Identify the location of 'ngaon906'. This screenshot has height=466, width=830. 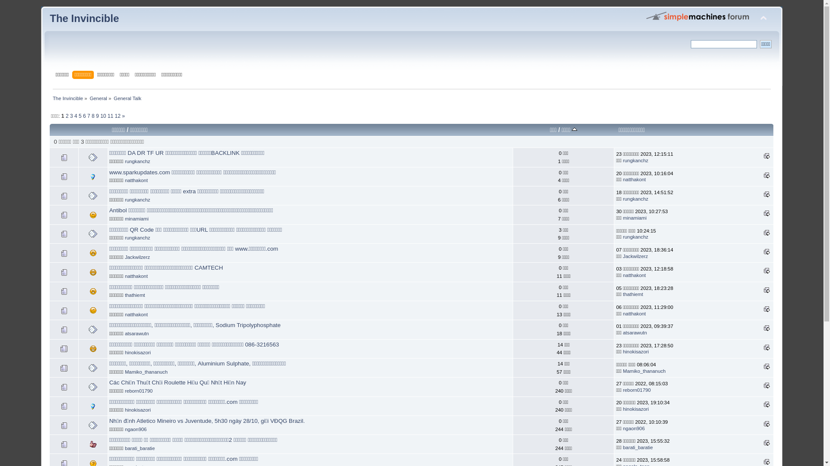
(622, 428).